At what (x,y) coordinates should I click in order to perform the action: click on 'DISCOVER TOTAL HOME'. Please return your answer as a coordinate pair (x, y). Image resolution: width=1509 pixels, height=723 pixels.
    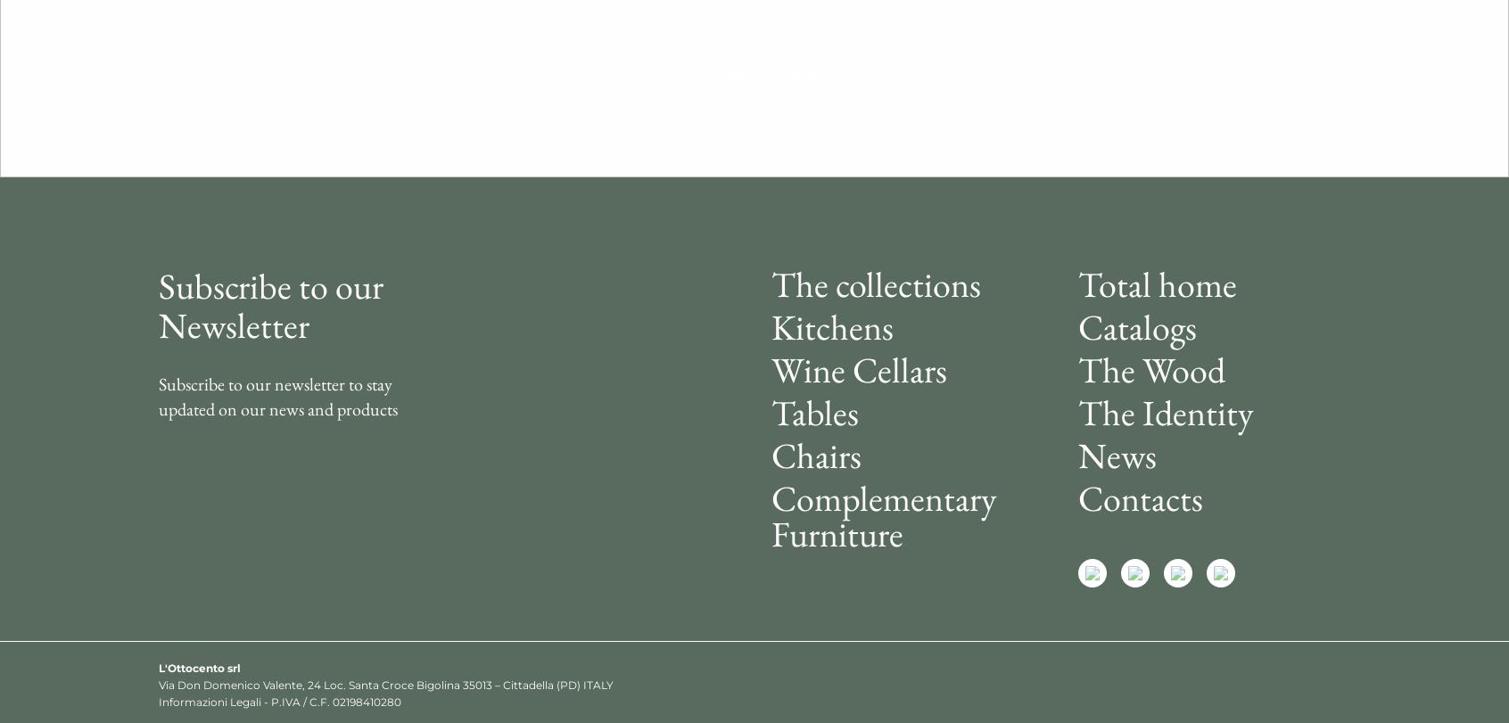
    Looking at the image, I should click on (754, 74).